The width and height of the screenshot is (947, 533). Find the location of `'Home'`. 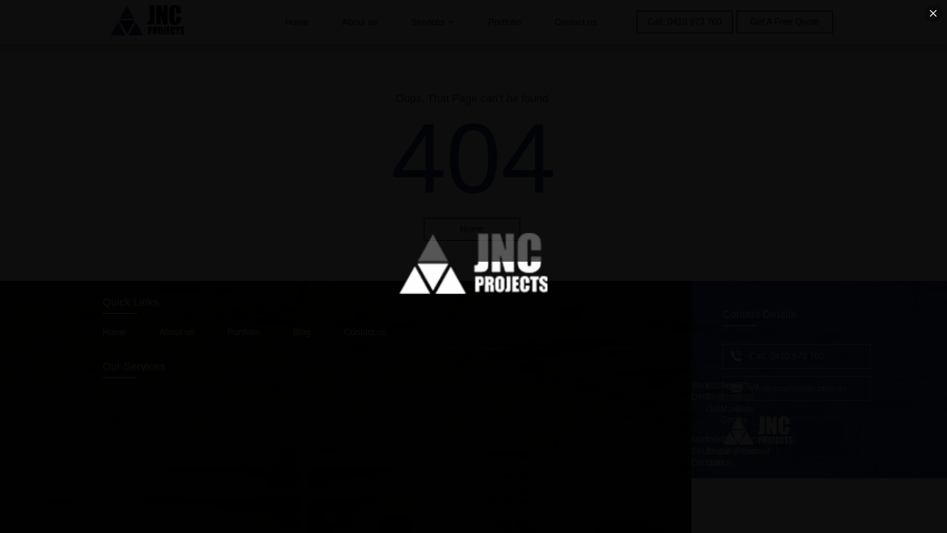

'Home' is located at coordinates (471, 229).